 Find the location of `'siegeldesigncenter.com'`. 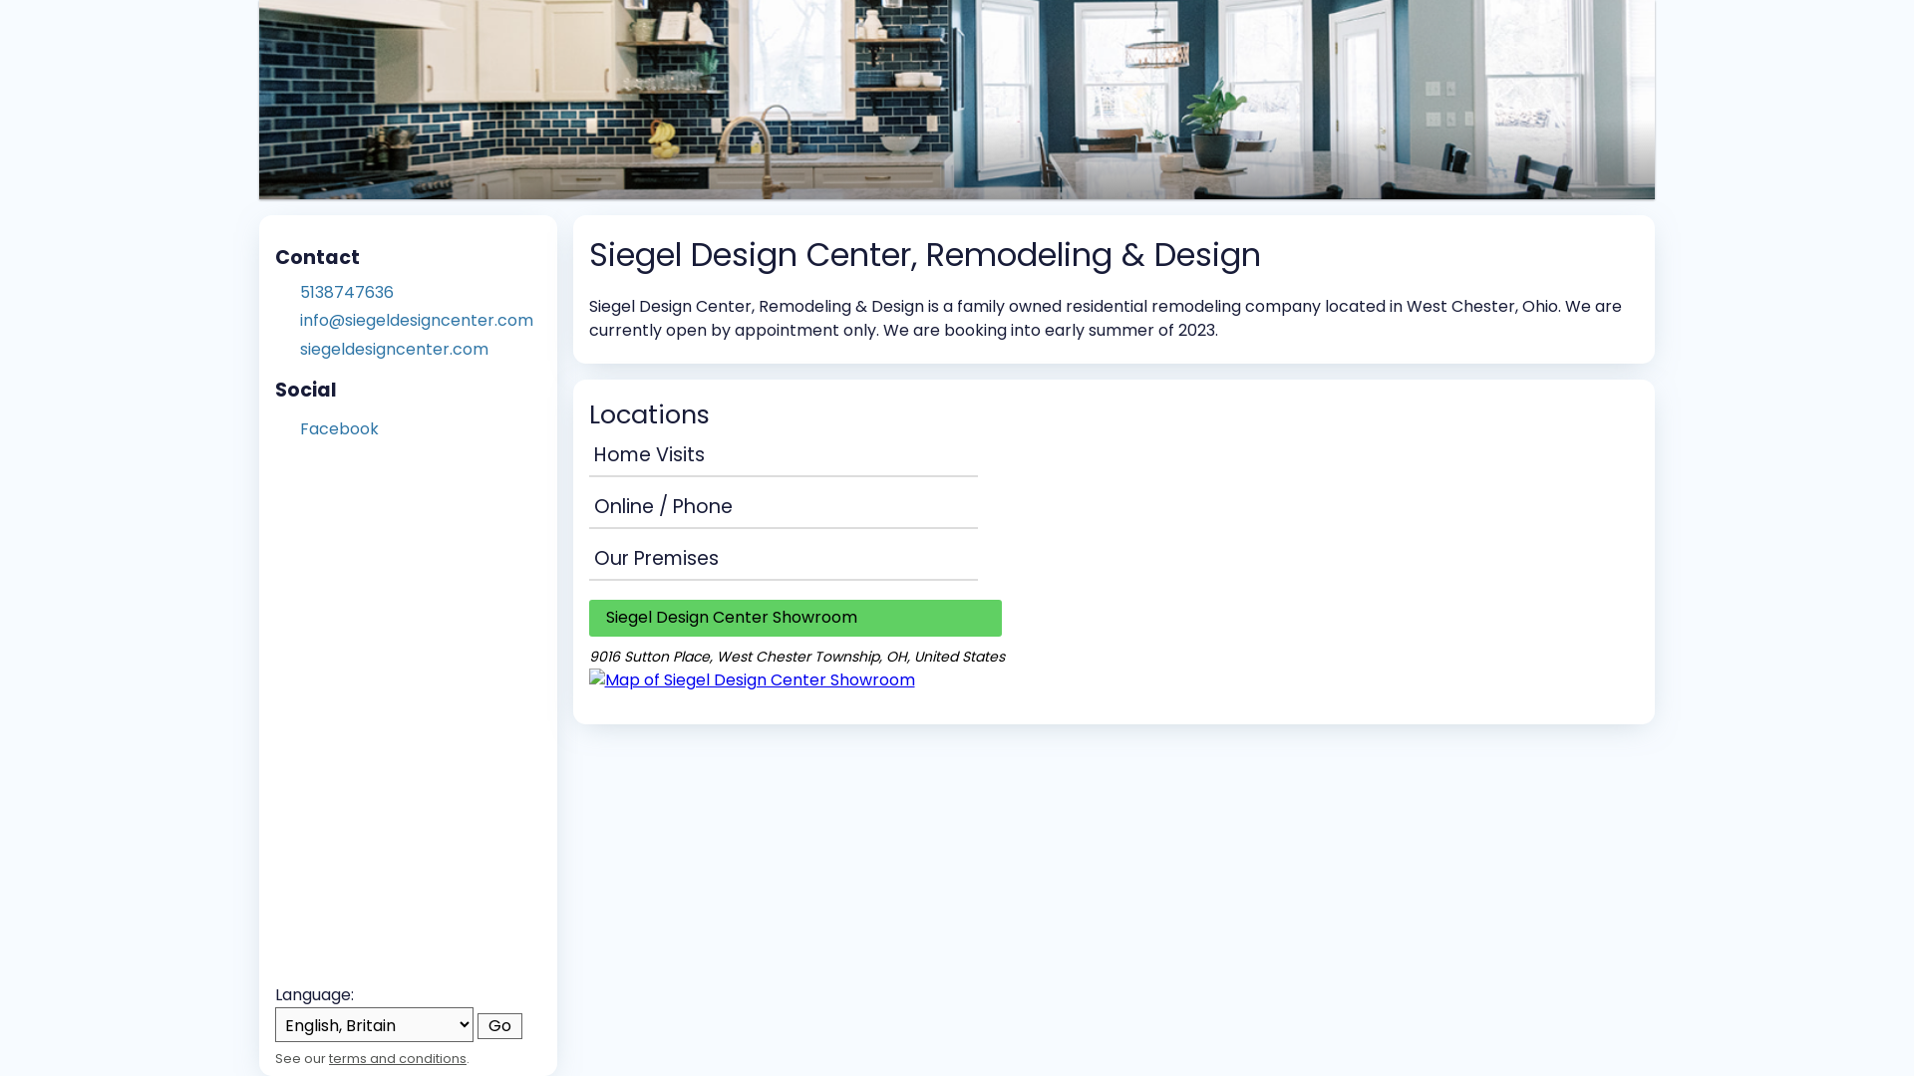

'siegeldesigncenter.com' is located at coordinates (299, 349).